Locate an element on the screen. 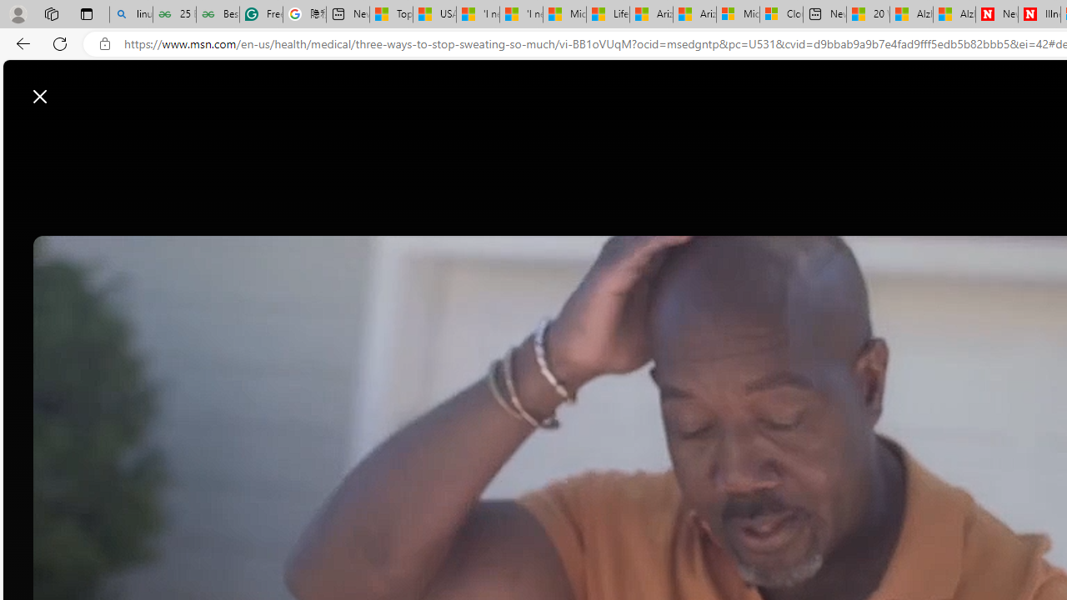  'Top Stories - MSN' is located at coordinates (390, 14).